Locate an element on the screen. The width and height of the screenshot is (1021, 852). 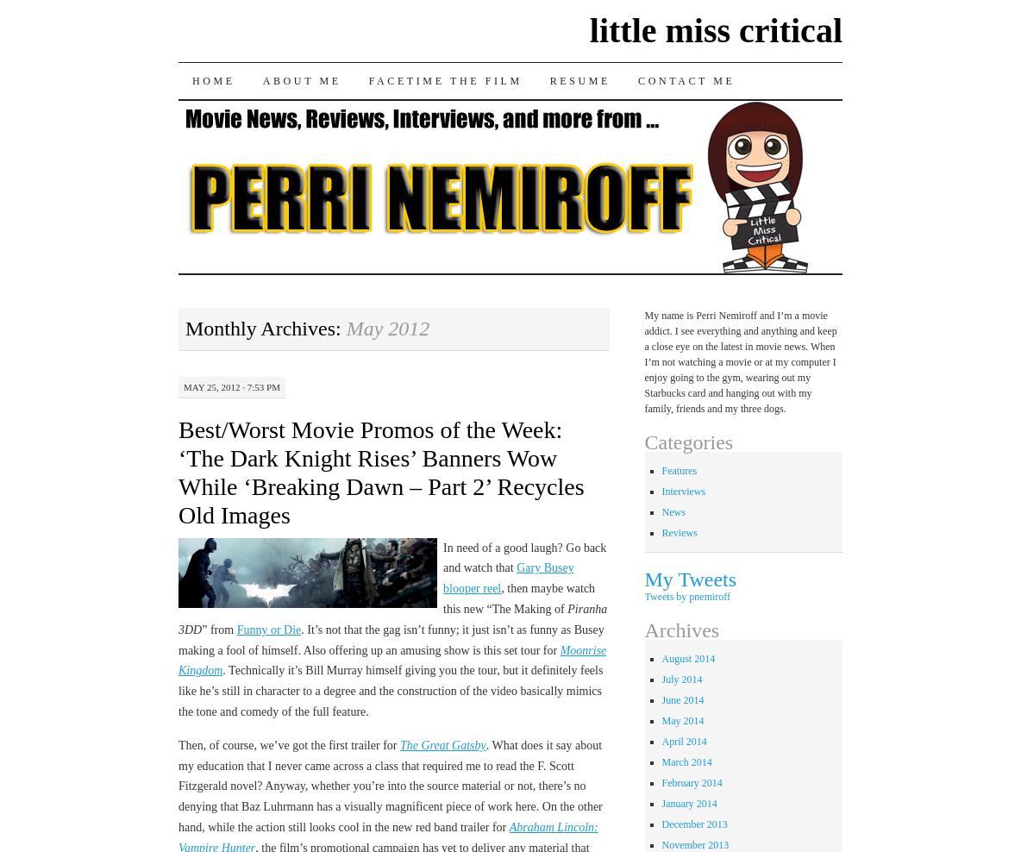
'Gary Busey blooper reel' is located at coordinates (442, 577).